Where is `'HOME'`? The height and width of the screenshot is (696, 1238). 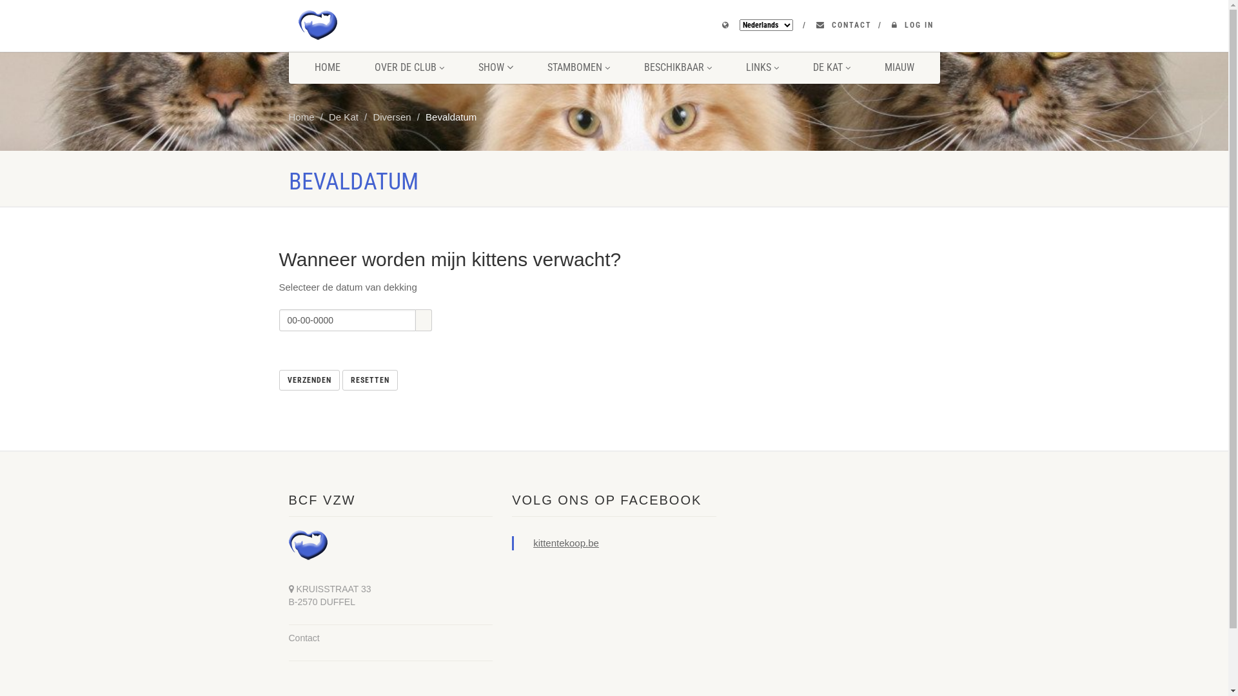 'HOME' is located at coordinates (327, 67).